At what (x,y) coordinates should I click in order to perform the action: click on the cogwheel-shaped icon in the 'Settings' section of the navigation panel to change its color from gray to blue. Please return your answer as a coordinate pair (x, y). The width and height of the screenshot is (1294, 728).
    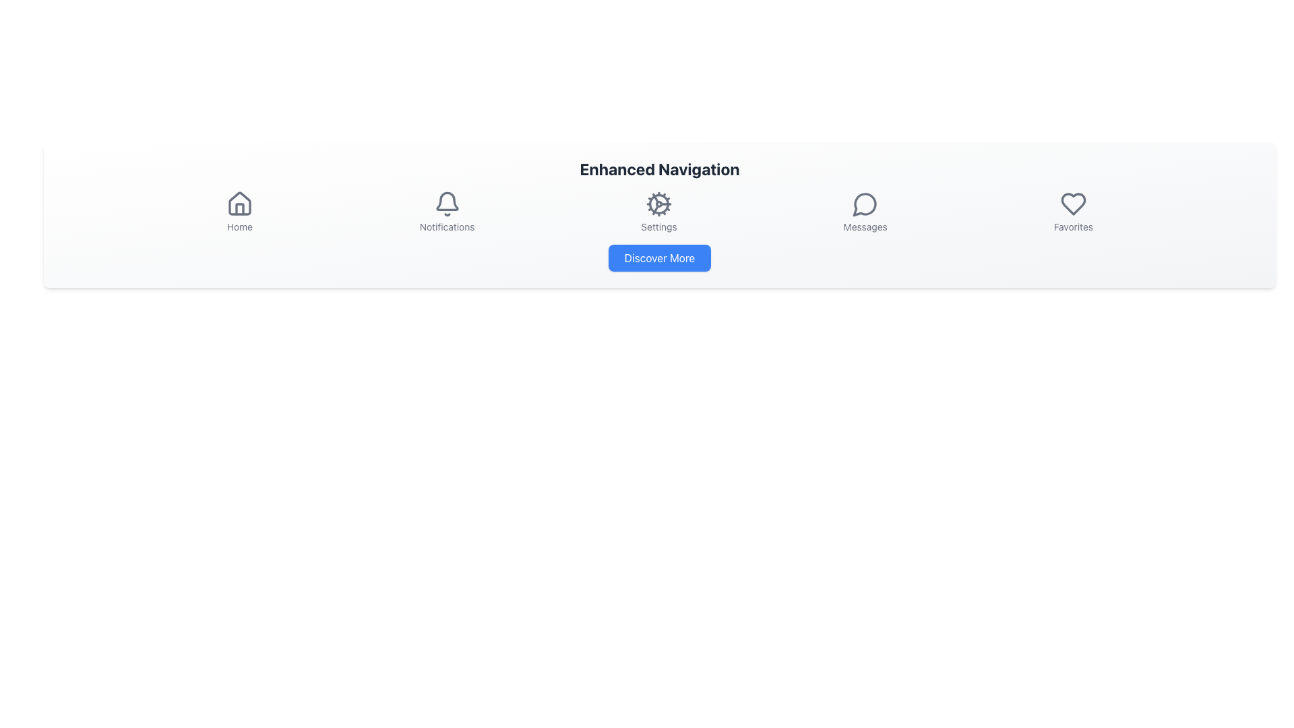
    Looking at the image, I should click on (659, 204).